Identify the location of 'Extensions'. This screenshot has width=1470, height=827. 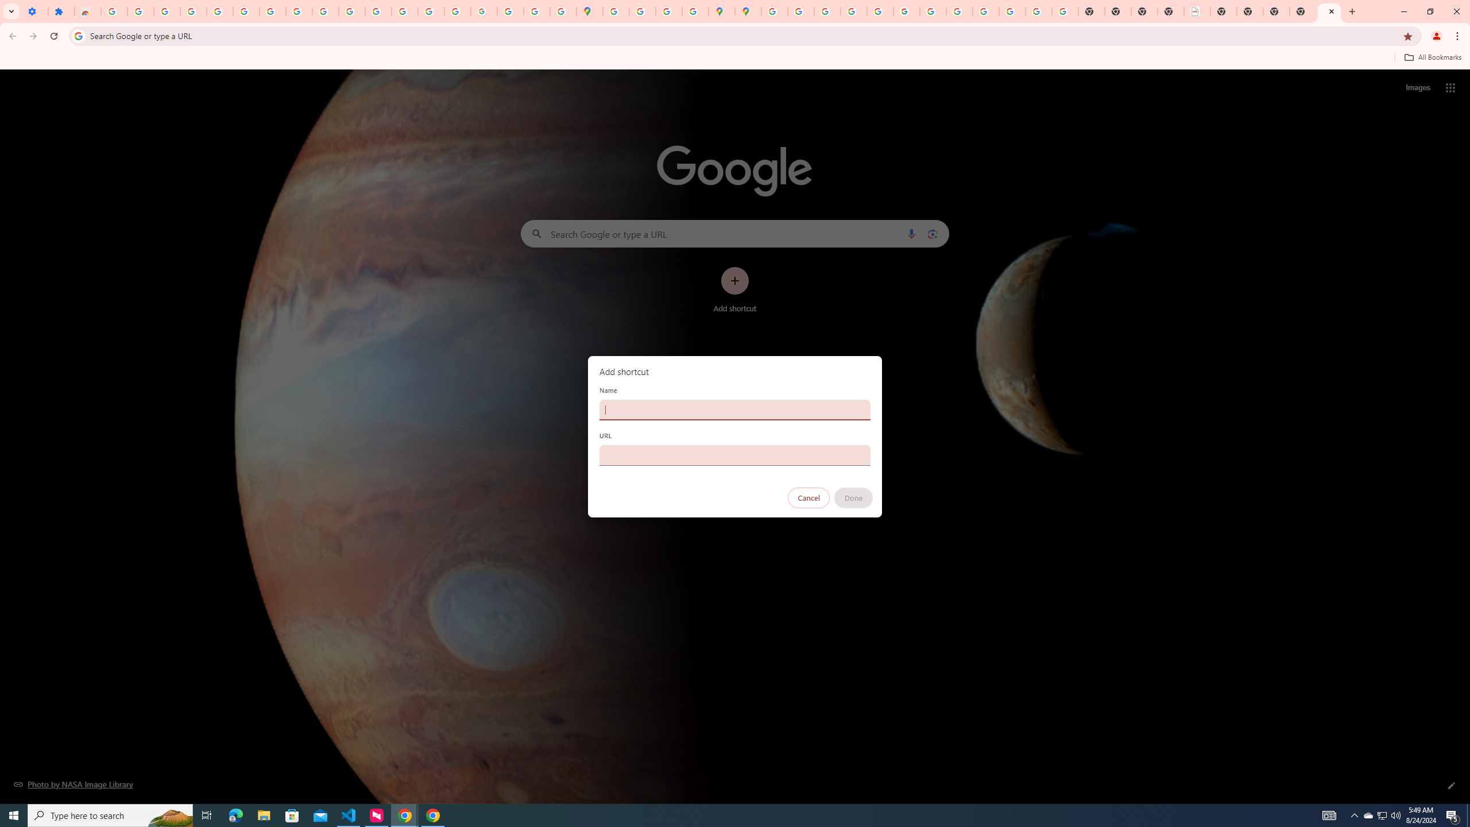
(60, 11).